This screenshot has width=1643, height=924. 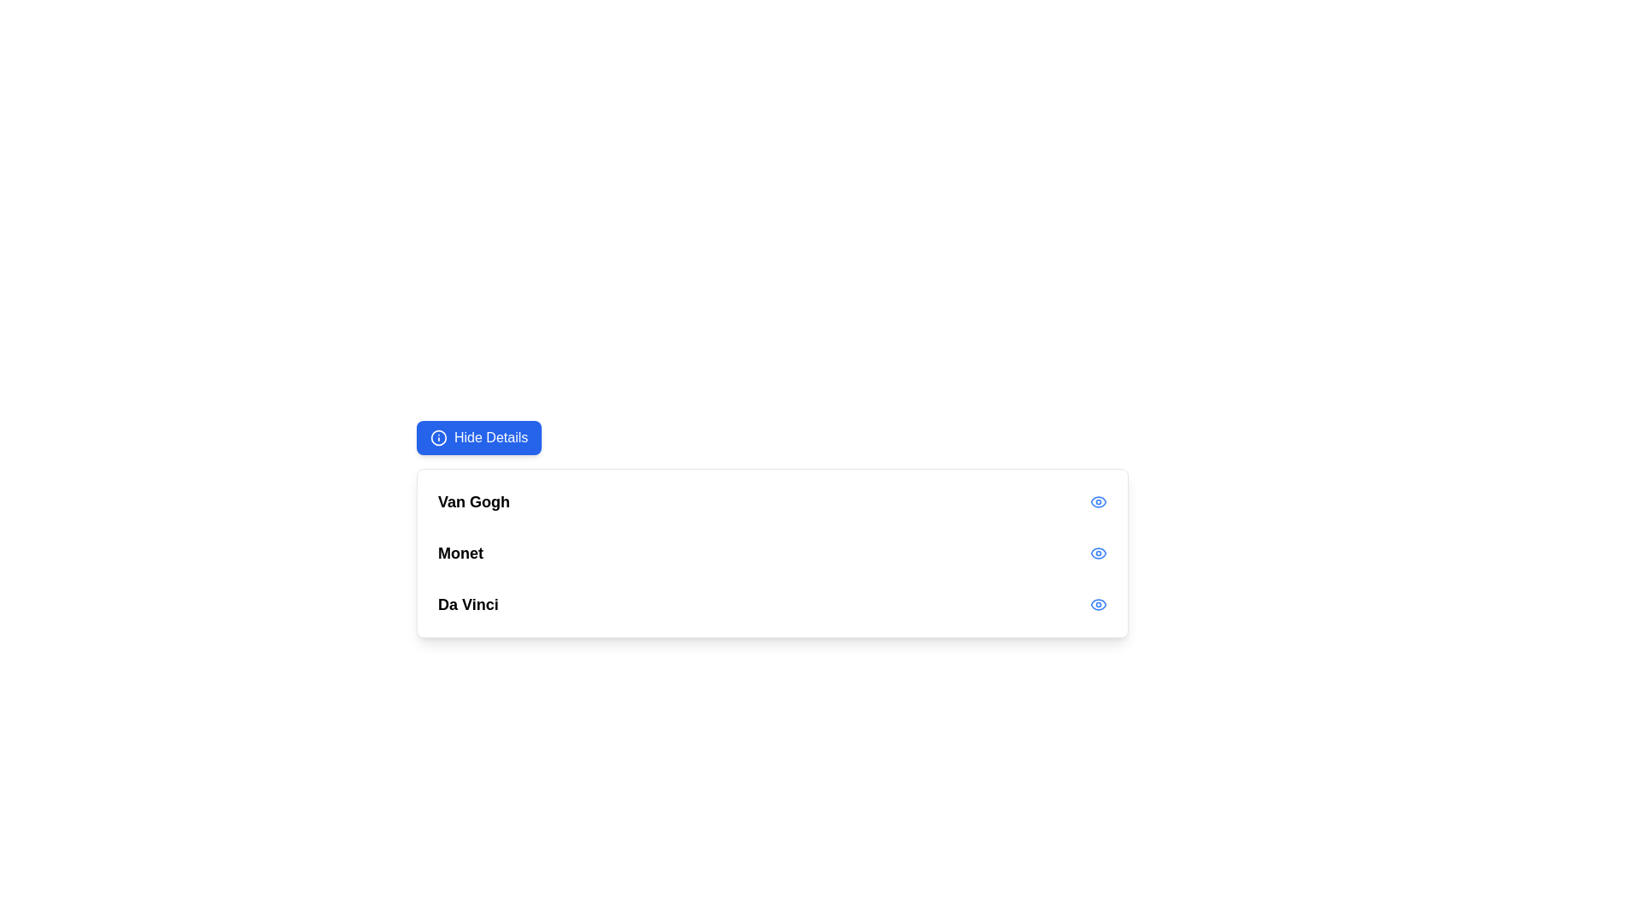 What do you see at coordinates (460, 554) in the screenshot?
I see `the text label 'Monet' from its position in the vertical list` at bounding box center [460, 554].